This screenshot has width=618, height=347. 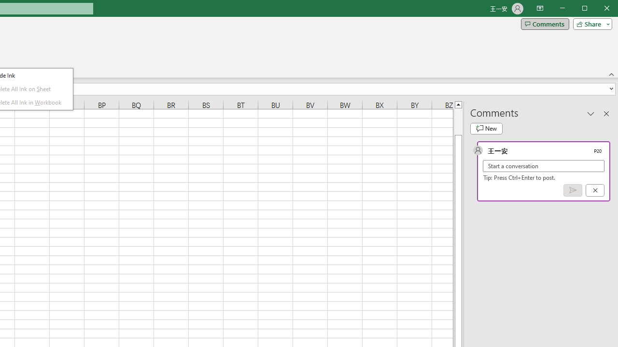 What do you see at coordinates (573, 190) in the screenshot?
I see `'Post comment (Ctrl + Enter)'` at bounding box center [573, 190].